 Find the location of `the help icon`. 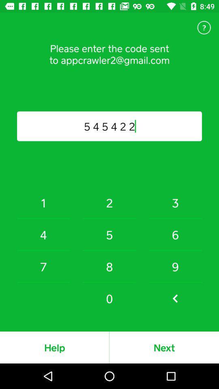

the help icon is located at coordinates (204, 28).